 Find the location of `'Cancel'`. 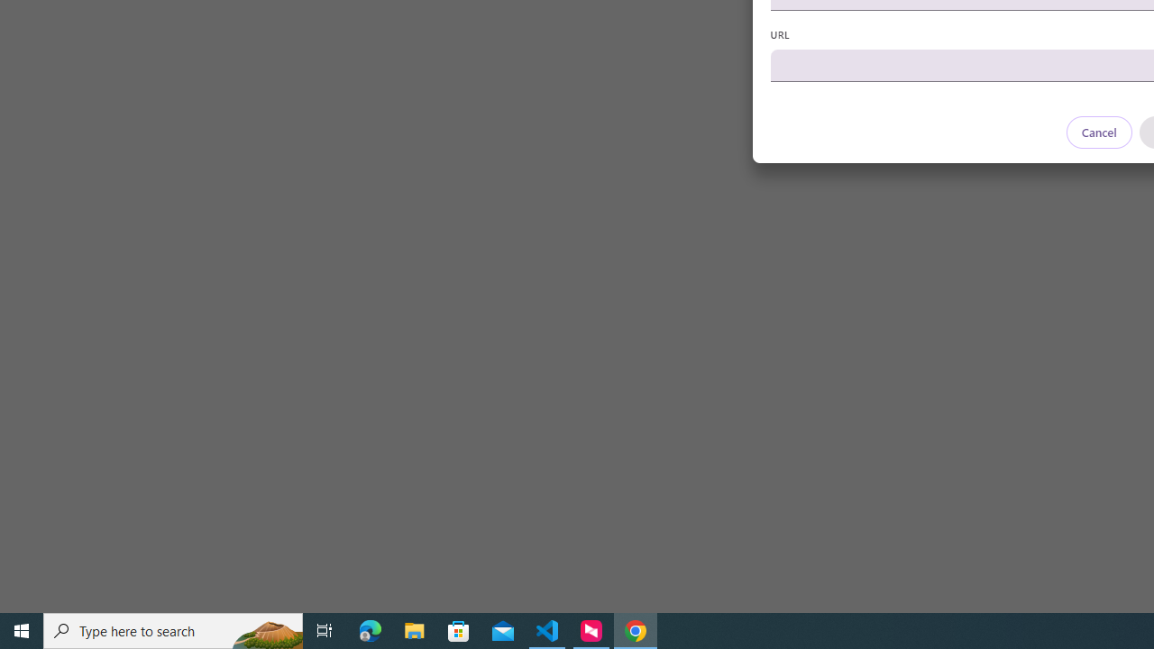

'Cancel' is located at coordinates (1097, 131).